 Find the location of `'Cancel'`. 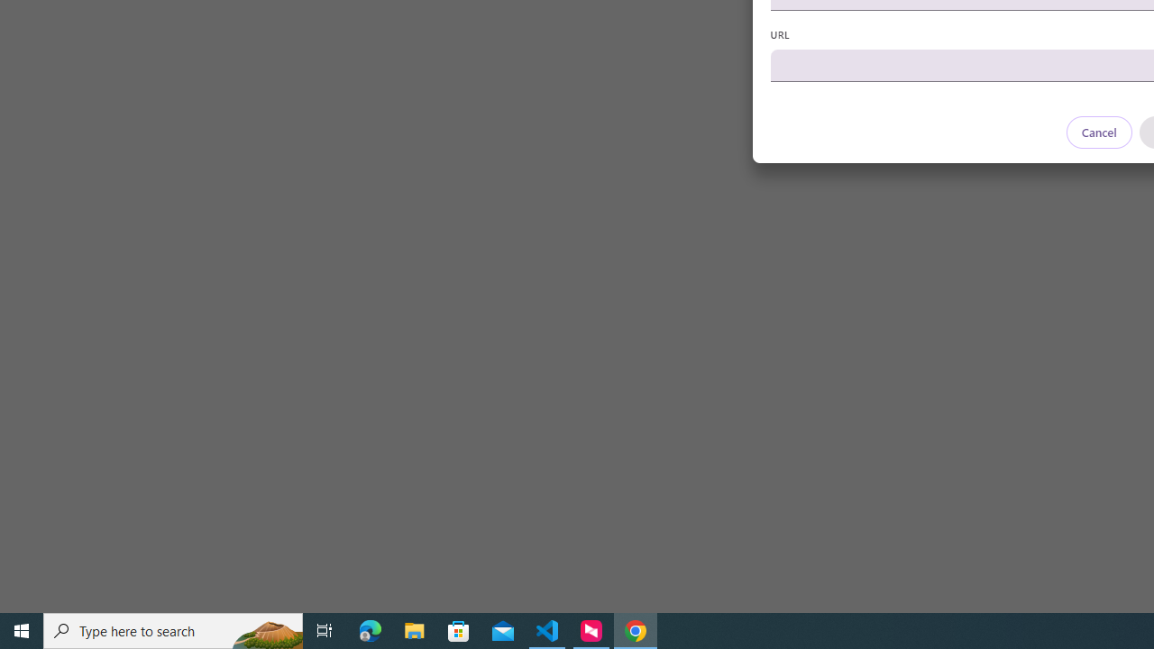

'Cancel' is located at coordinates (1097, 131).